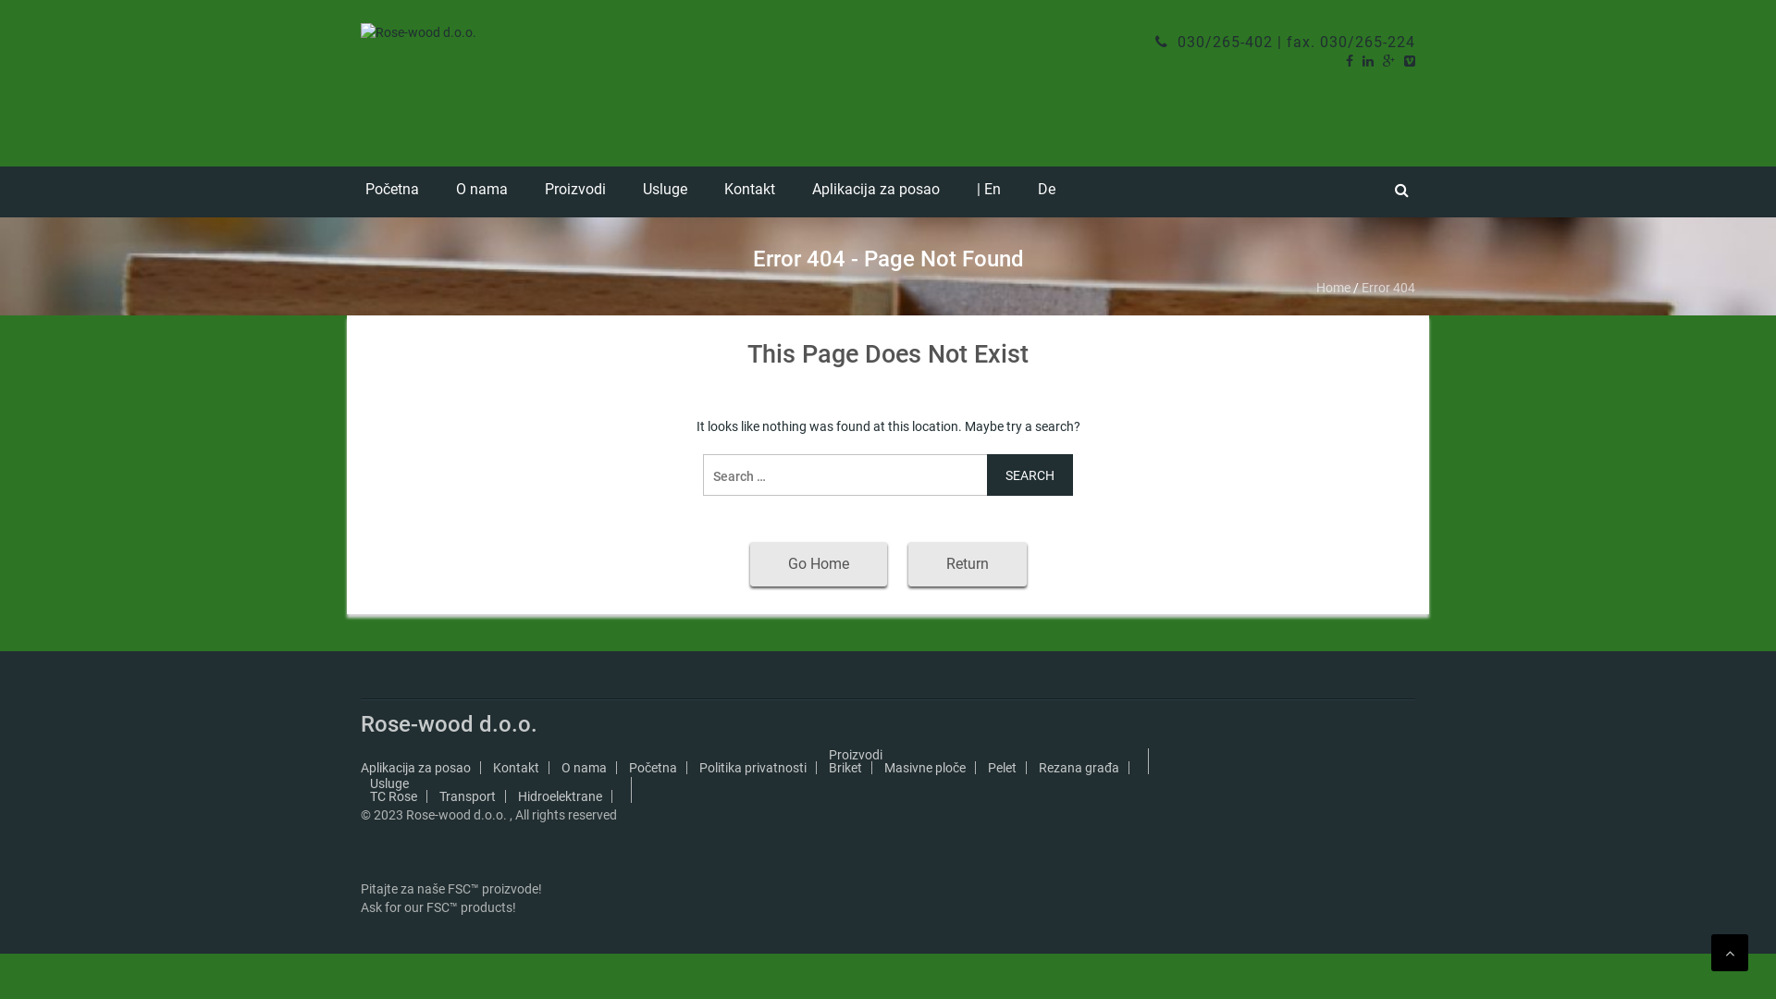 The width and height of the screenshot is (1776, 999). What do you see at coordinates (967, 562) in the screenshot?
I see `'Return'` at bounding box center [967, 562].